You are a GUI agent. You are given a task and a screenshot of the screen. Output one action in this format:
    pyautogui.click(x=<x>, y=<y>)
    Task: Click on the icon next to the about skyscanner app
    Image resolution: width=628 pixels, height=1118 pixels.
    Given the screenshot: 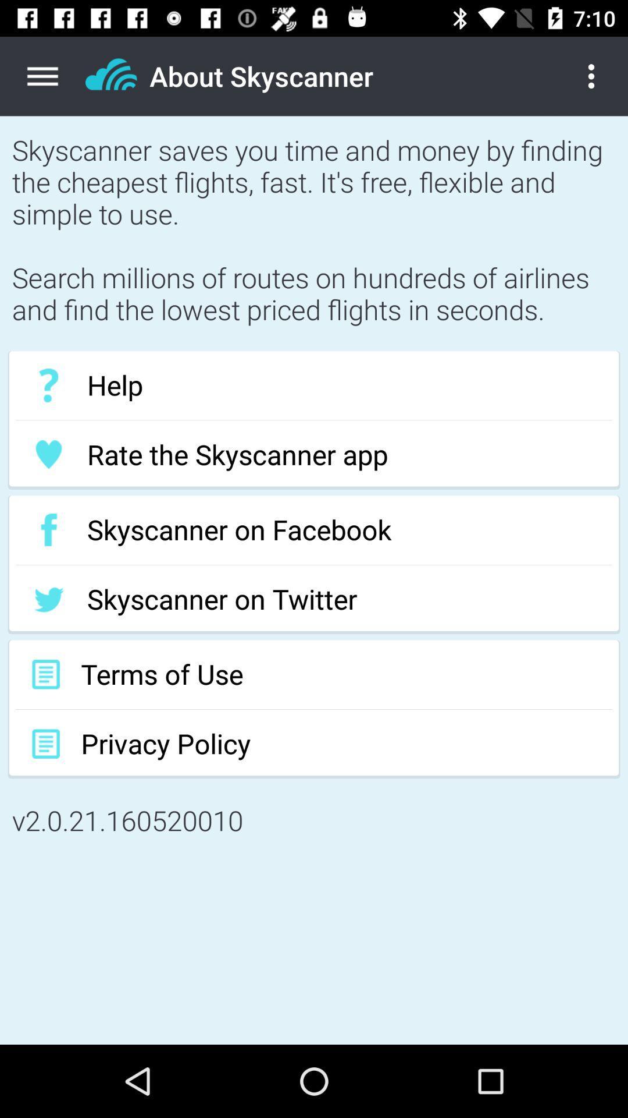 What is the action you would take?
    pyautogui.click(x=600, y=76)
    